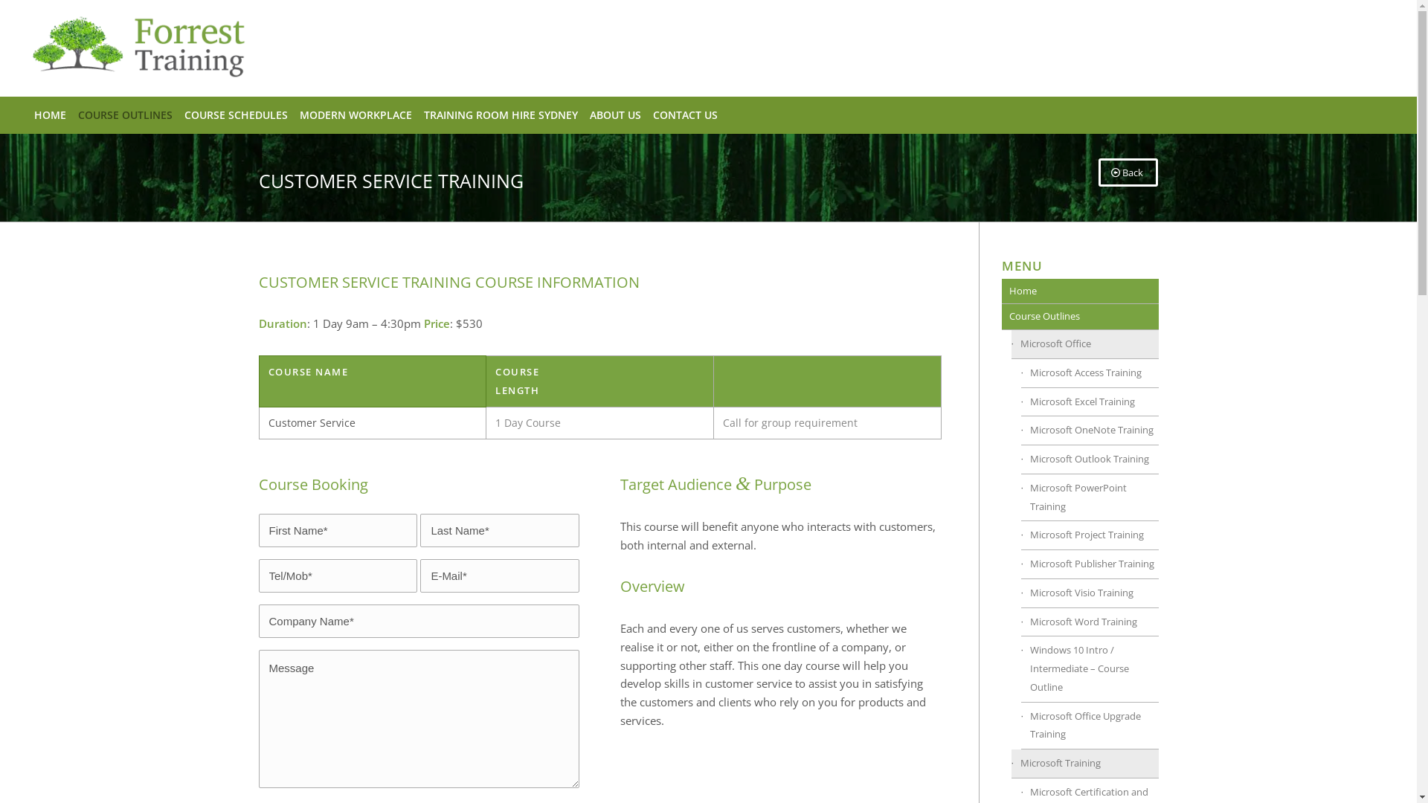 The image size is (1428, 803). I want to click on 'Microsoft Access Training', so click(1089, 373).